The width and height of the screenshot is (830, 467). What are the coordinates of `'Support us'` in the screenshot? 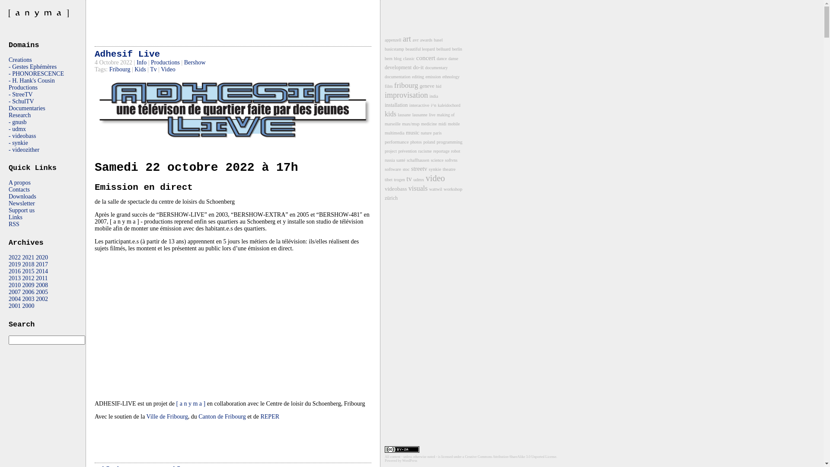 It's located at (21, 210).